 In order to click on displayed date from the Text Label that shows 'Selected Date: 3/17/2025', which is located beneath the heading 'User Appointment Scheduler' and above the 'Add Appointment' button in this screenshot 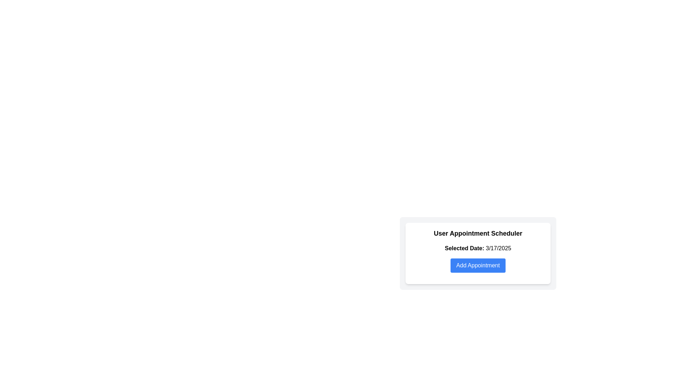, I will do `click(478, 248)`.